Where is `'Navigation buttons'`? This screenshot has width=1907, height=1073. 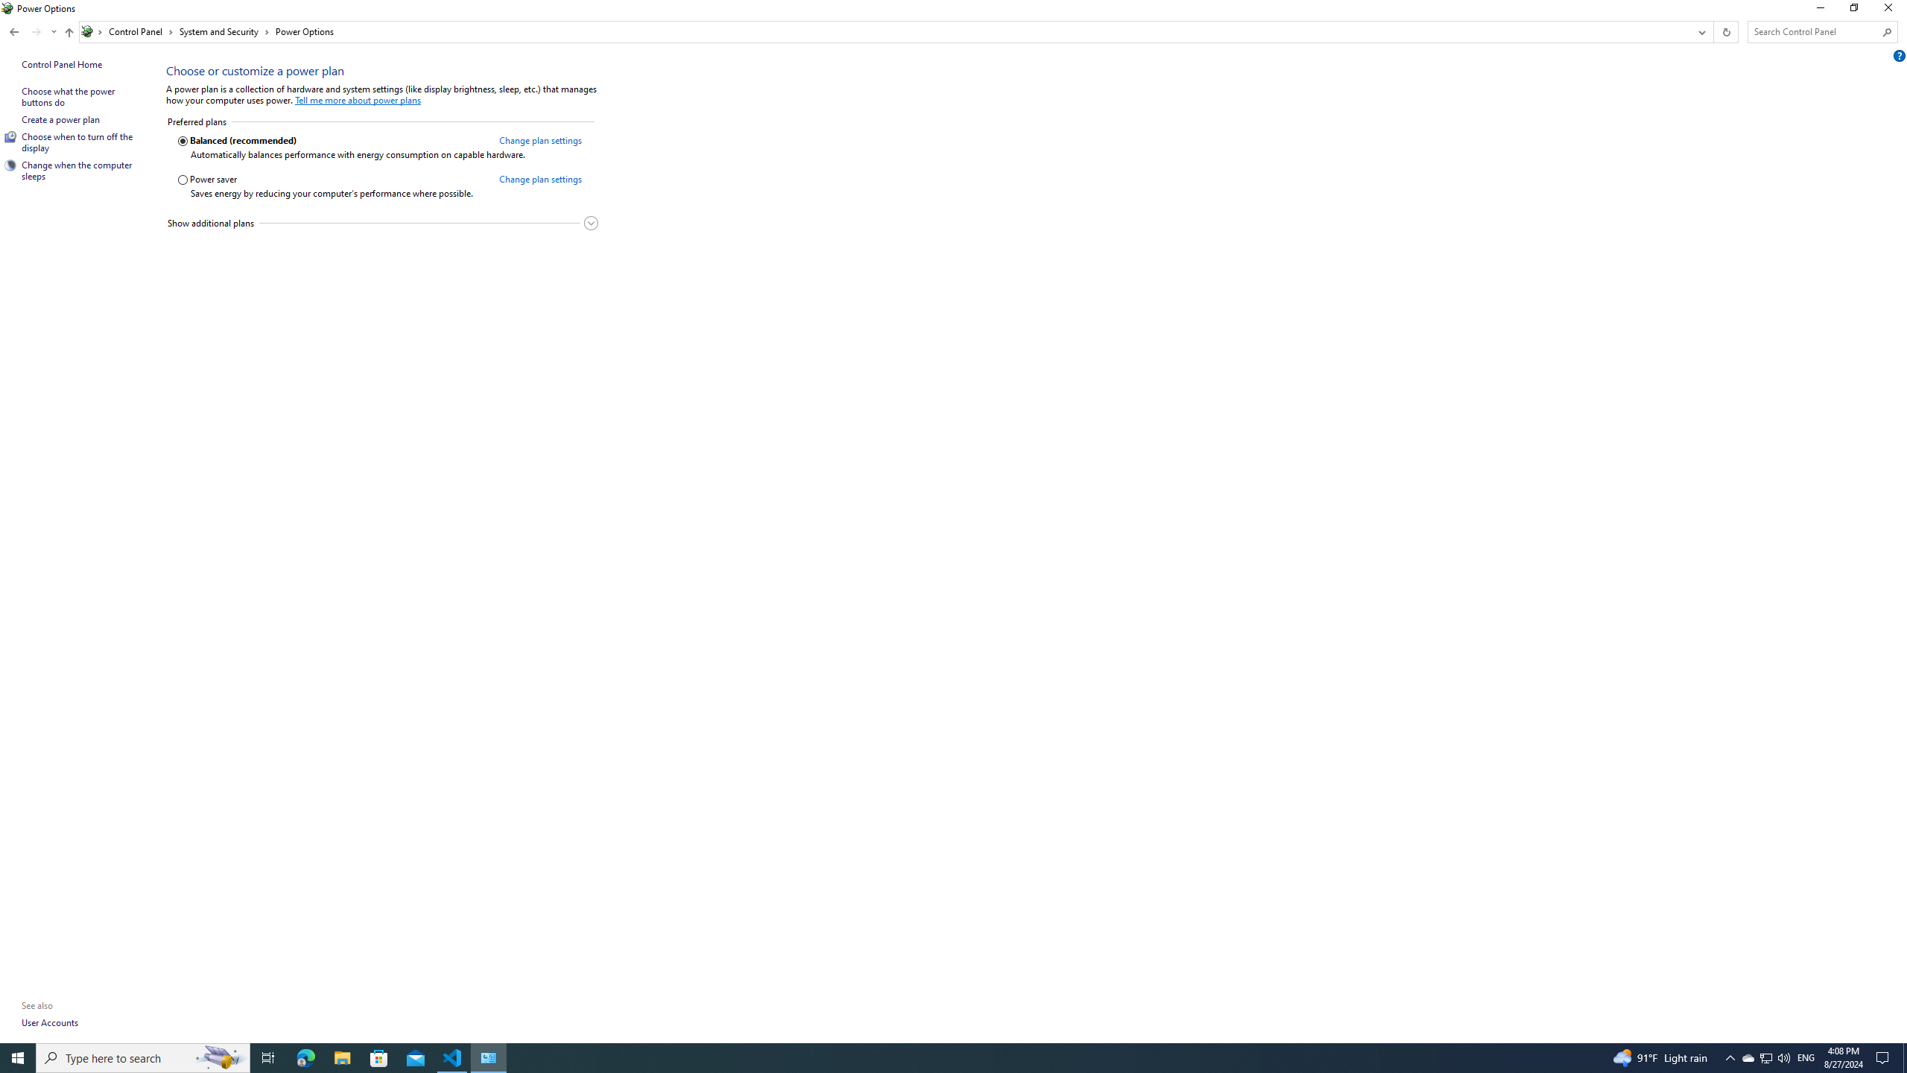
'Navigation buttons' is located at coordinates (31, 31).